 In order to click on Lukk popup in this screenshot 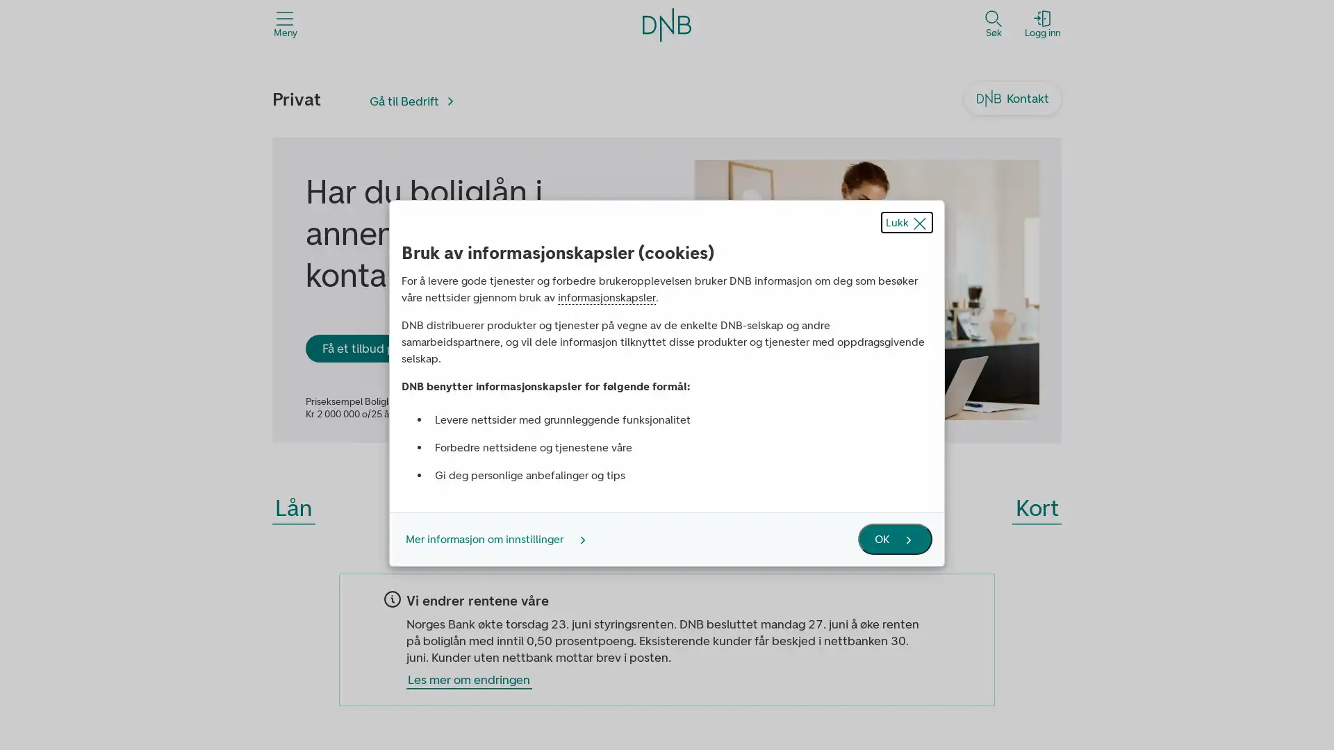, I will do `click(907, 221)`.